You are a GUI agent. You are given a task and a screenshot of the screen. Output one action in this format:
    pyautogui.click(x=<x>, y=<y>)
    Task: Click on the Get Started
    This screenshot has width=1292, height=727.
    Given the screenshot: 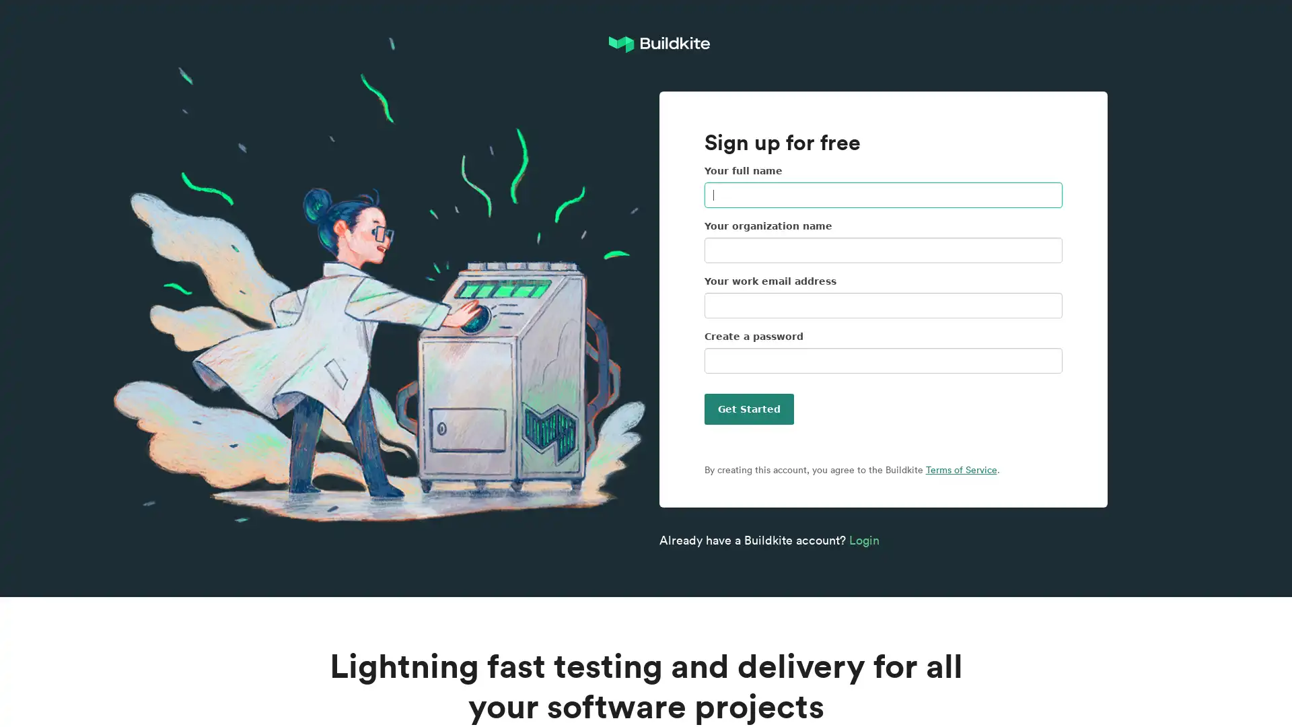 What is the action you would take?
    pyautogui.click(x=748, y=409)
    